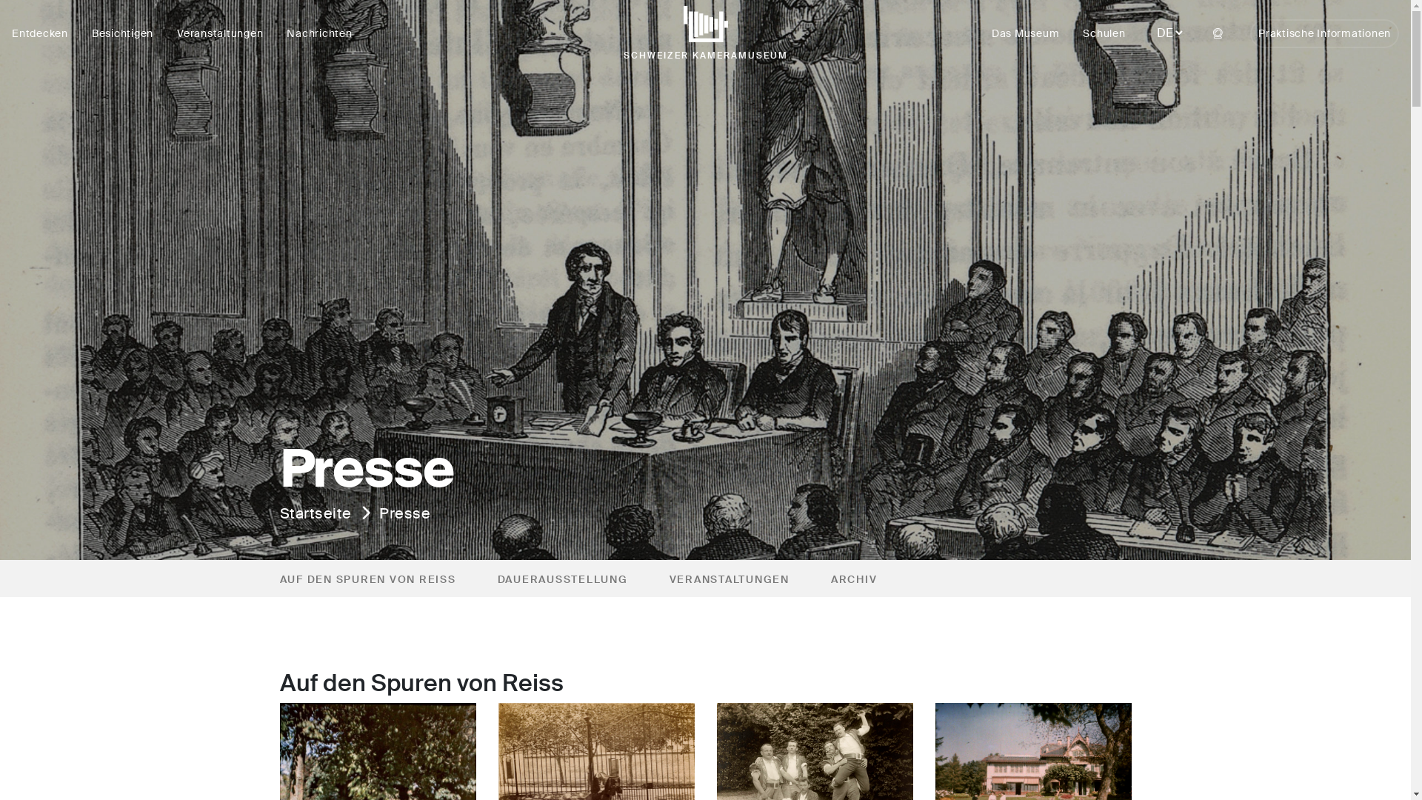 This screenshot has height=800, width=1422. What do you see at coordinates (315, 513) in the screenshot?
I see `'Startseite'` at bounding box center [315, 513].